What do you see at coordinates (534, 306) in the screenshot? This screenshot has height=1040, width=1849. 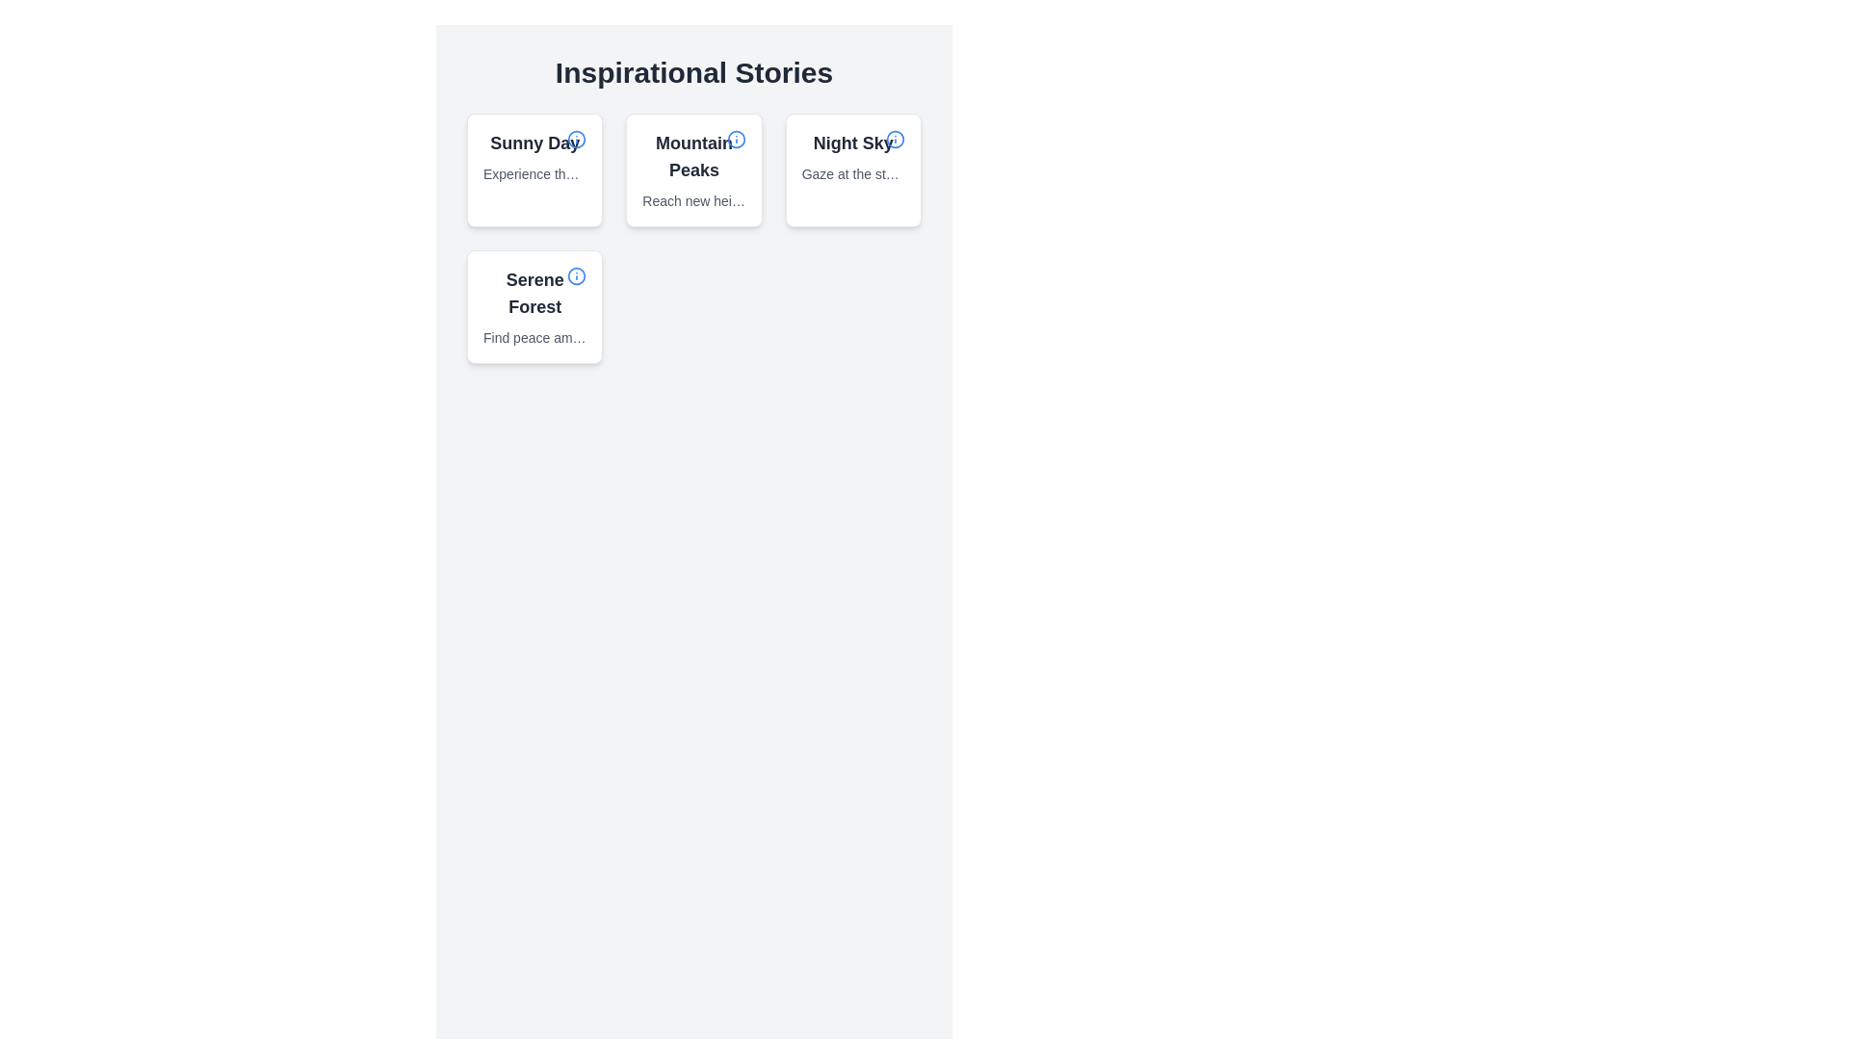 I see `the fourth card in the grid layout, positioned below the 'Sunny Day' card` at bounding box center [534, 306].